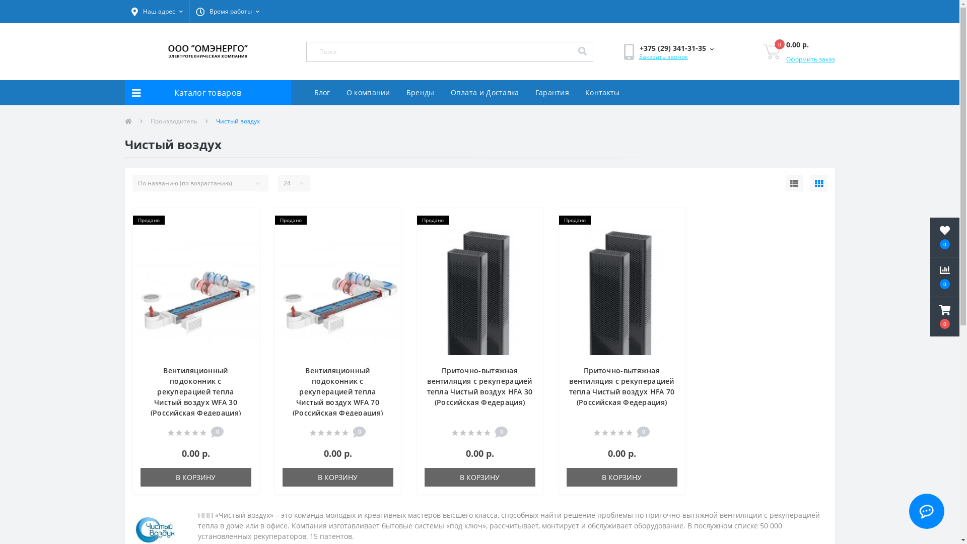 The width and height of the screenshot is (967, 544). What do you see at coordinates (638, 48) in the screenshot?
I see `'+375 (29) 341-31-35'` at bounding box center [638, 48].